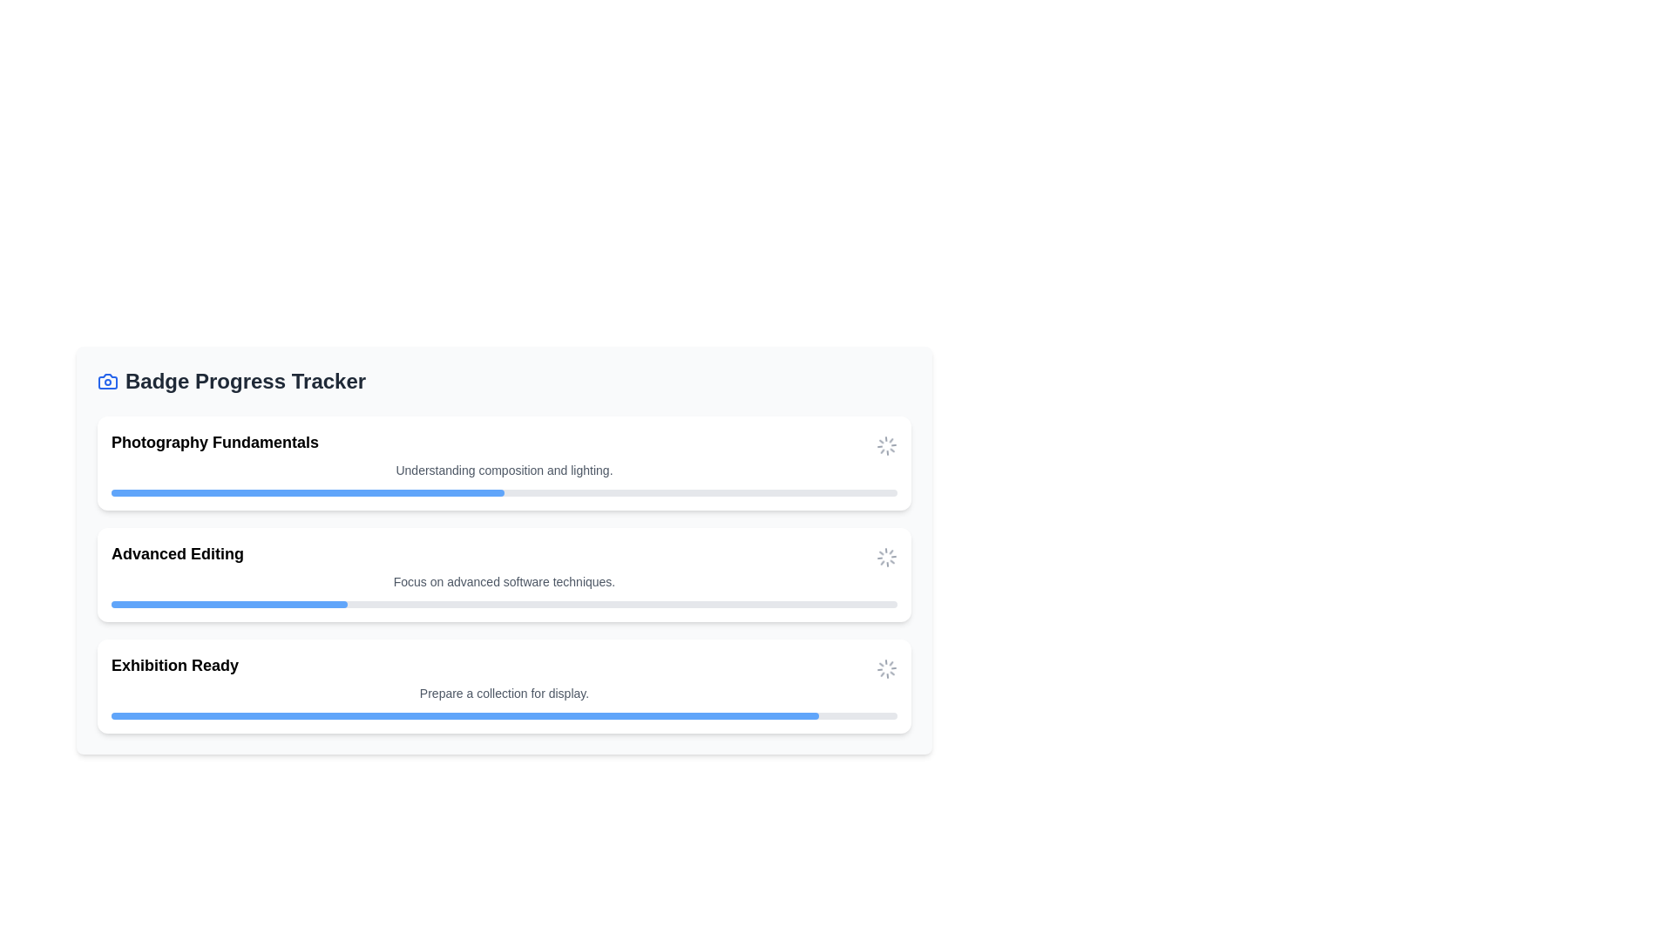  I want to click on the camera icon located in the top-left corner of the 'Badge Progress Tracker' section, which represents photography or progress, so click(107, 381).